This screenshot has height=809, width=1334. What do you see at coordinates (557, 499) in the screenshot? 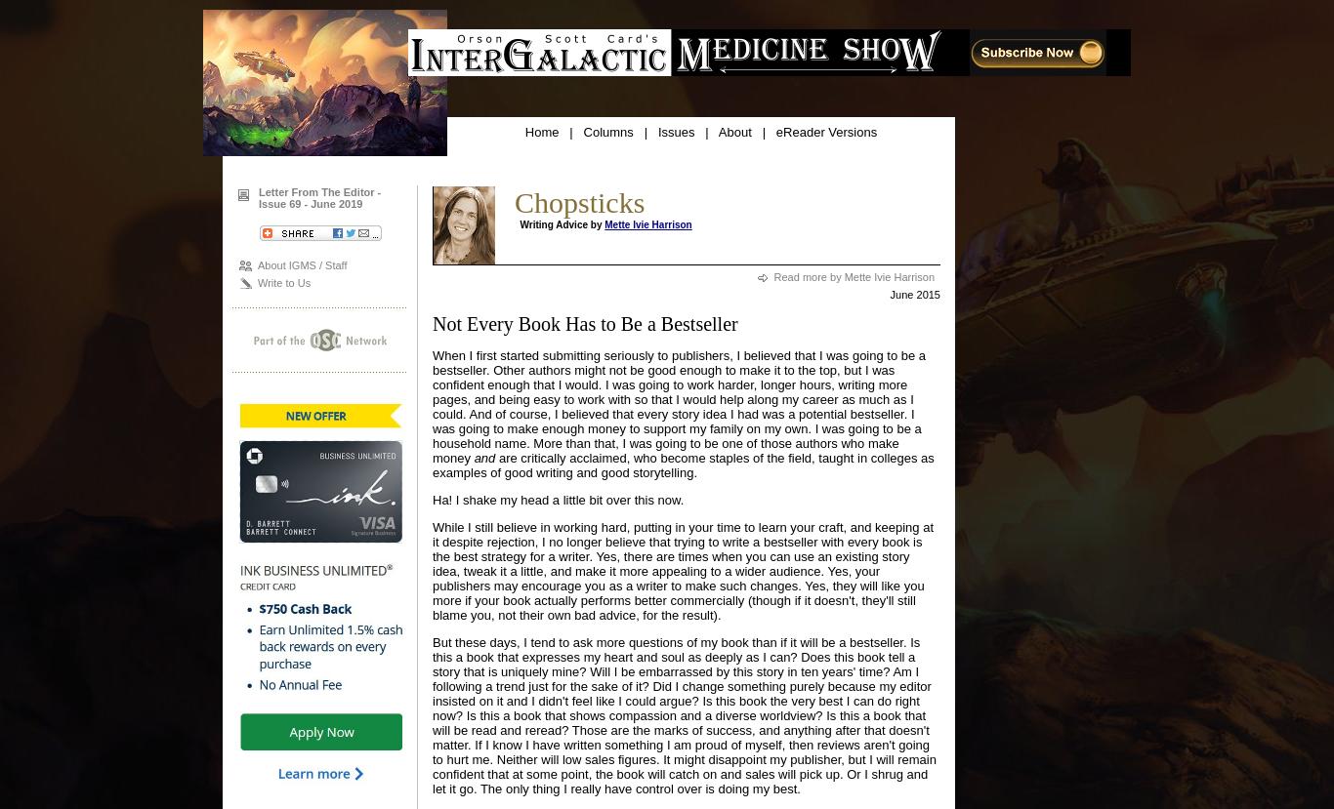
I see `'Ha! I shake my head a little bit over this now.'` at bounding box center [557, 499].